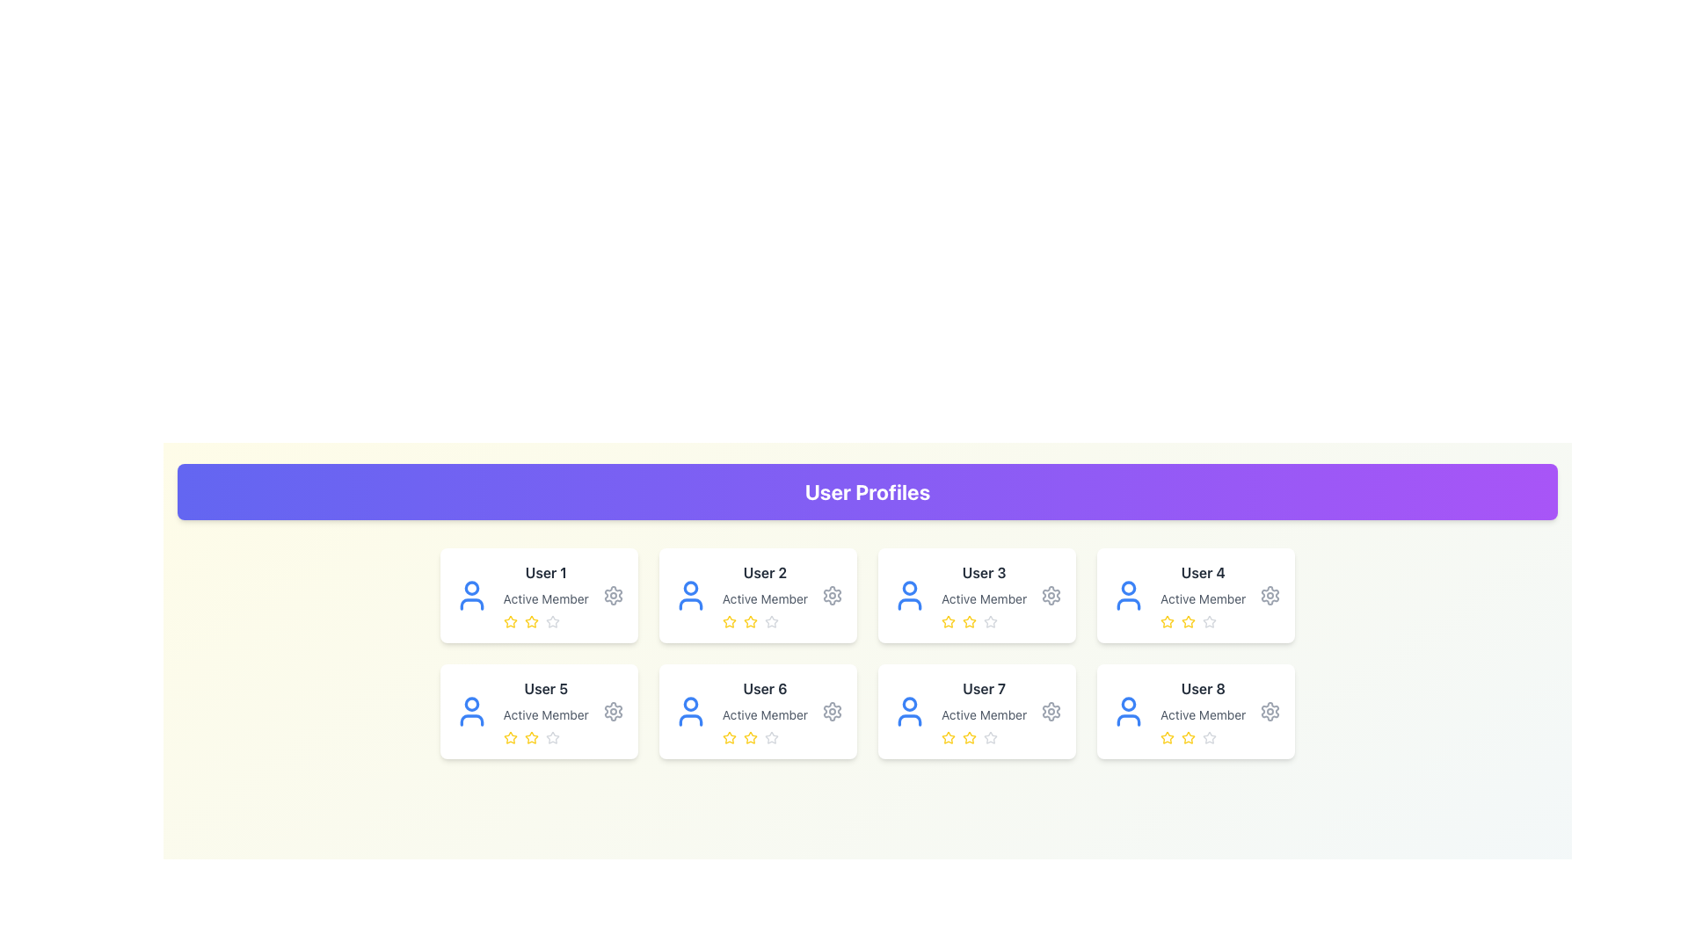  Describe the element at coordinates (1051, 595) in the screenshot. I see `the gear-shaped icon in the 'User 3' panel` at that location.